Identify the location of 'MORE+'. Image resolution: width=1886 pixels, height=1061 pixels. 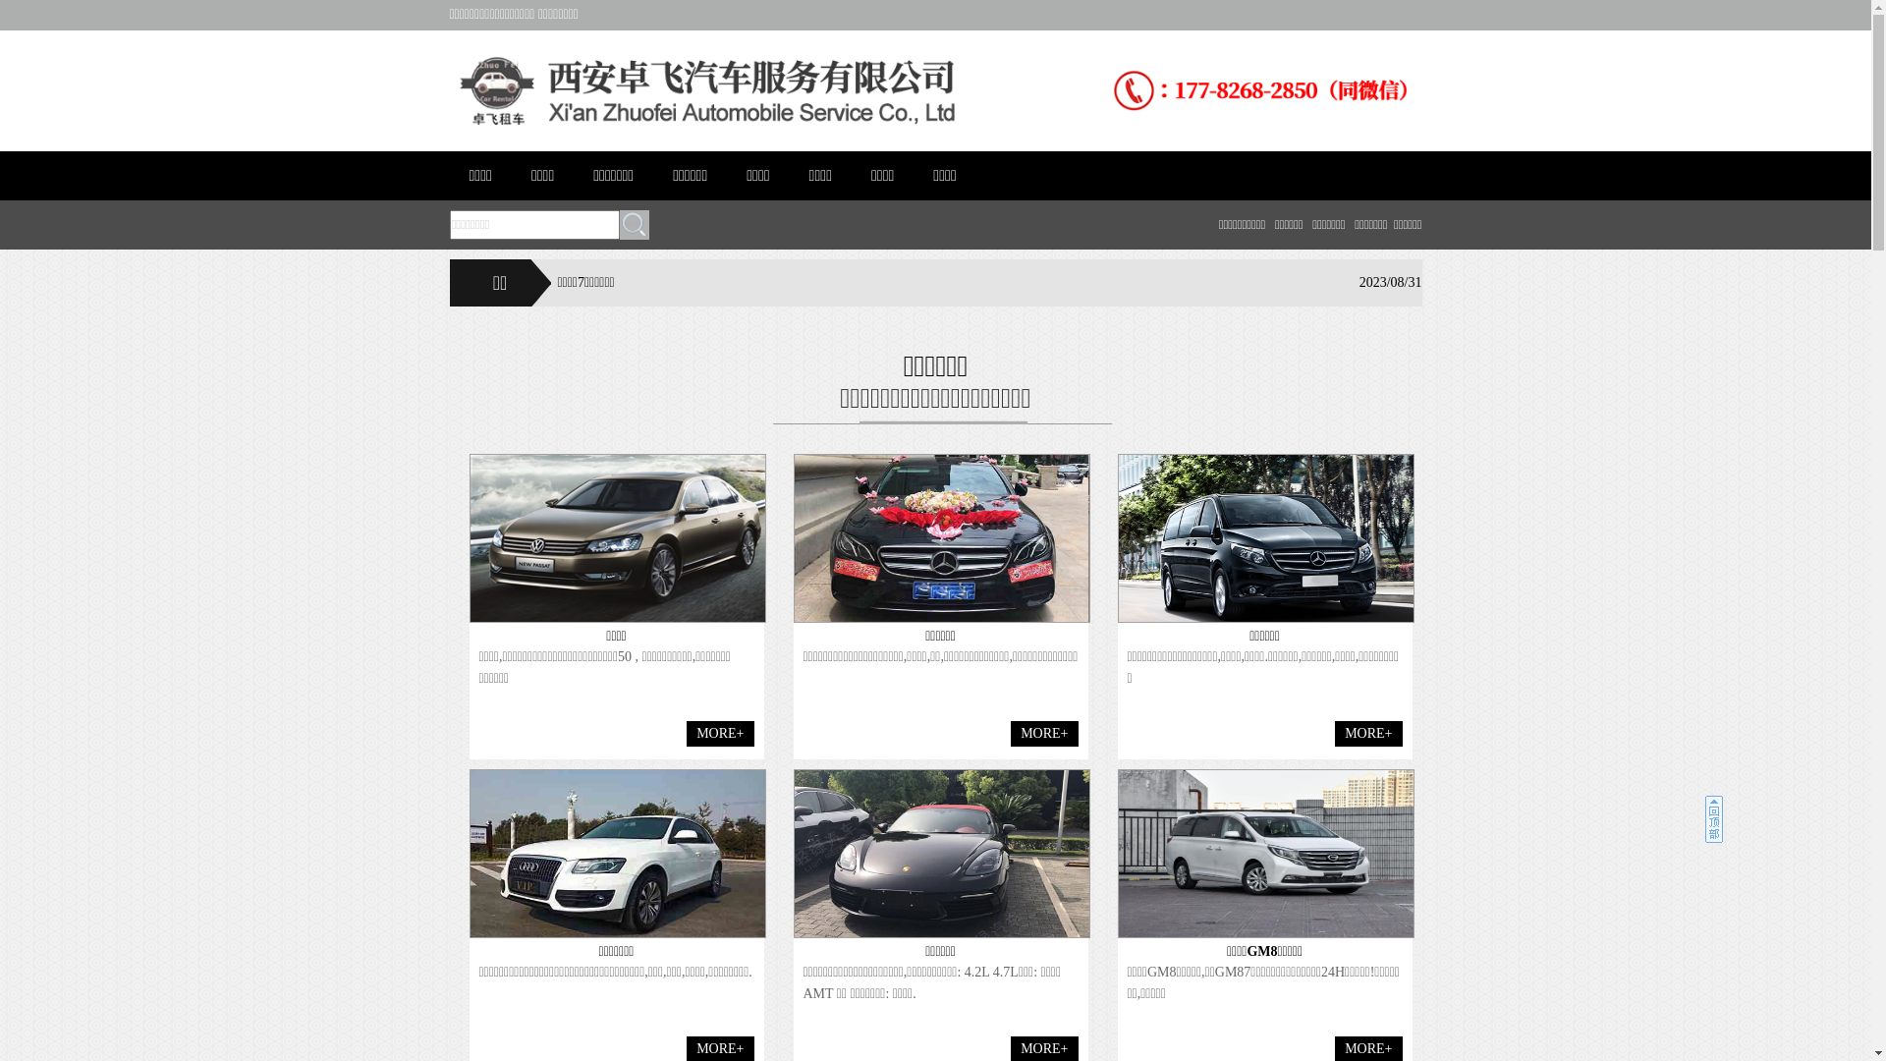
(1366, 734).